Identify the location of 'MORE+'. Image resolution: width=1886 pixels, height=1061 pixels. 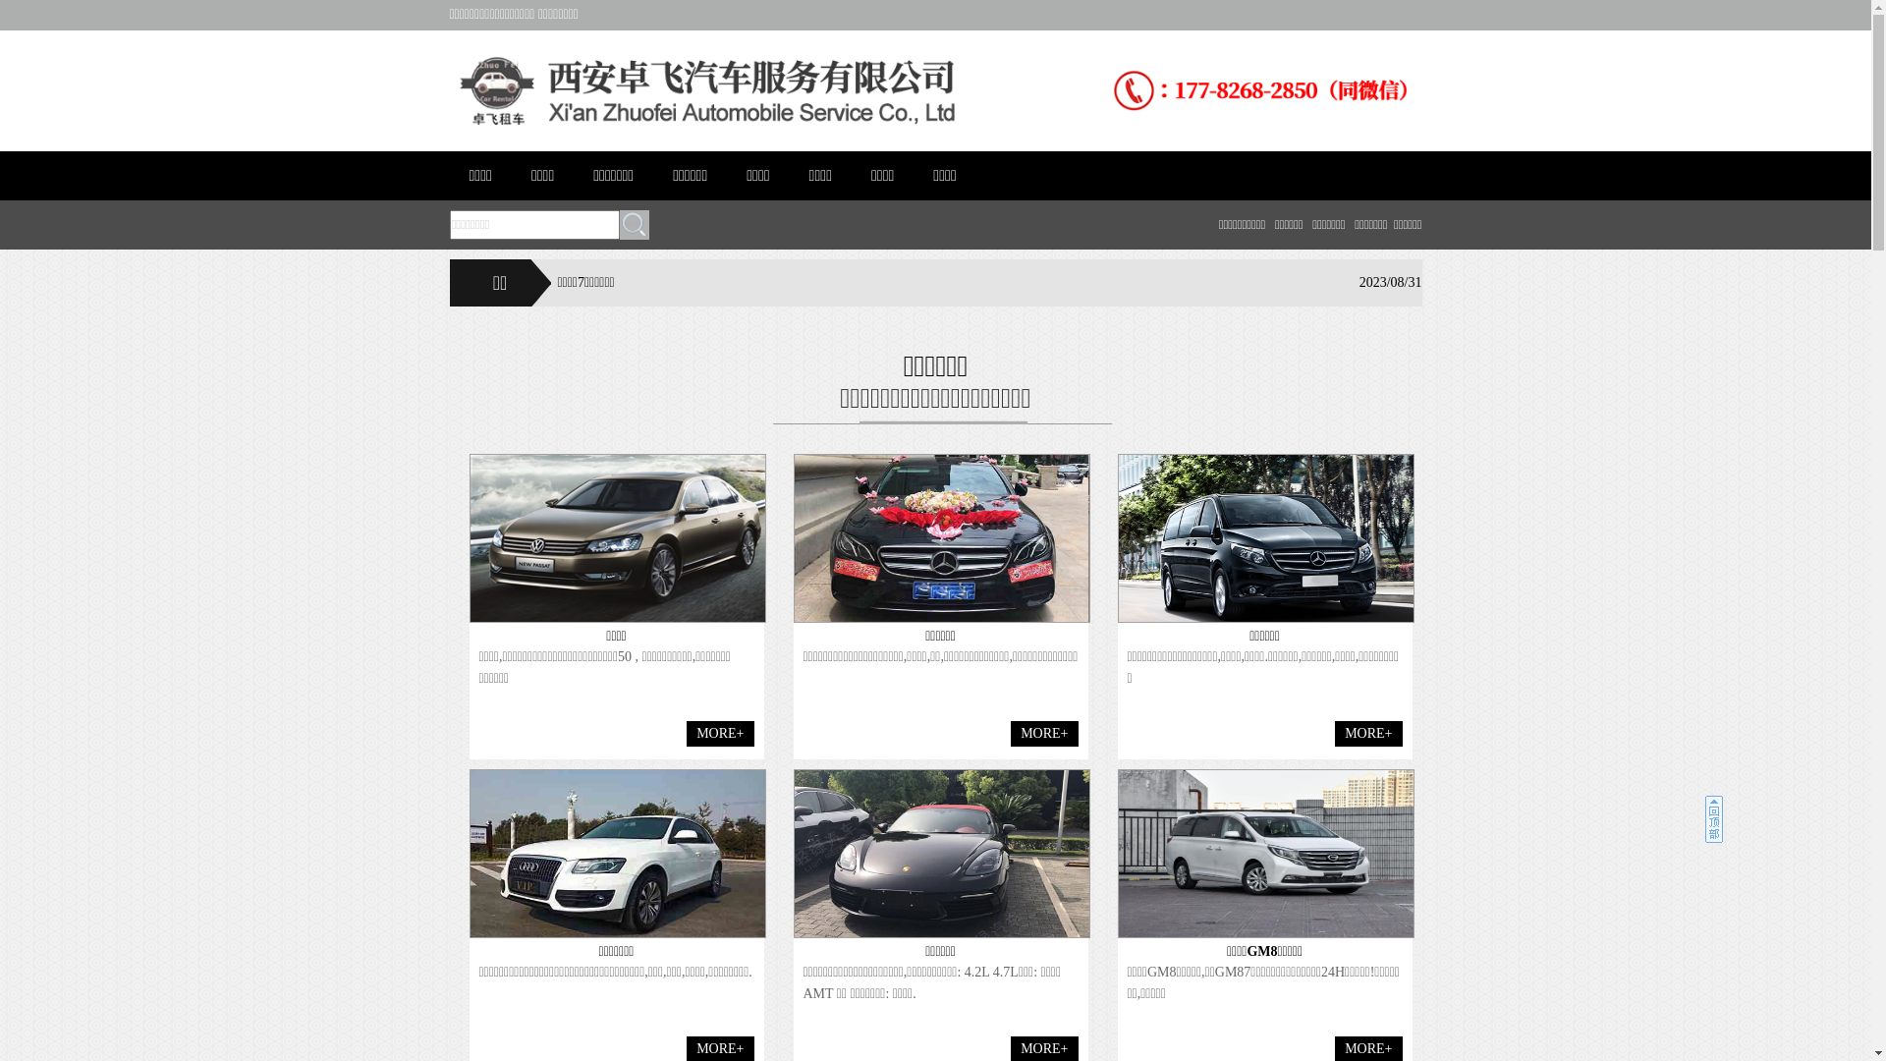
(1366, 734).